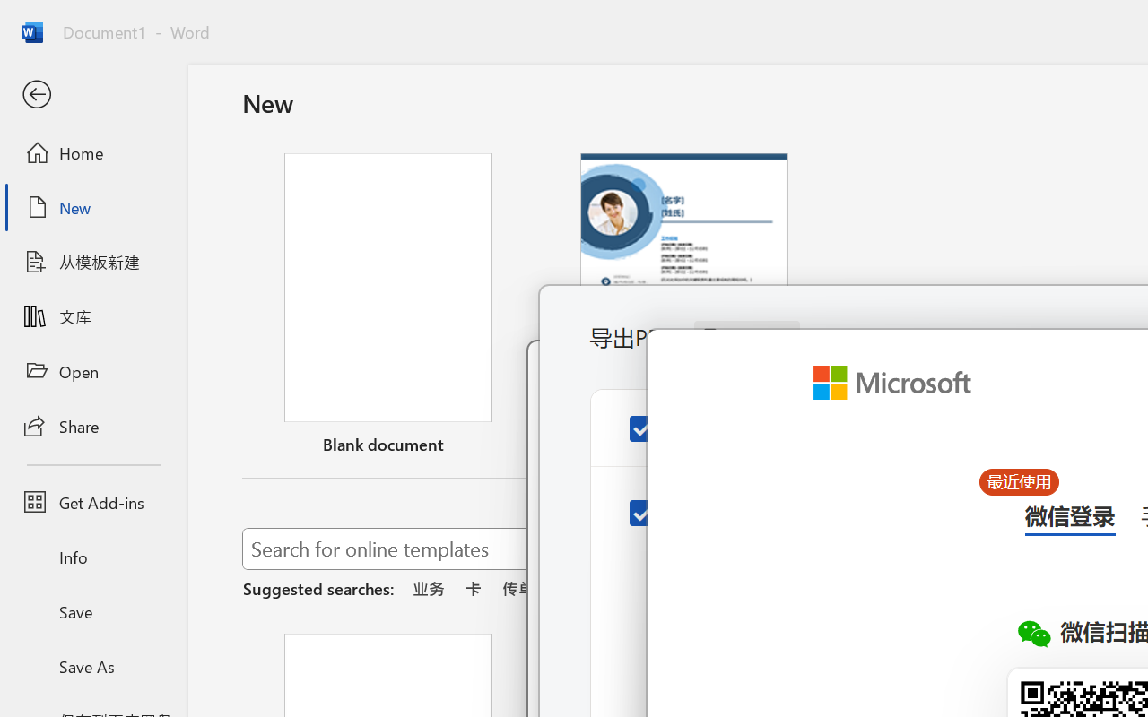 Image resolution: width=1148 pixels, height=717 pixels. What do you see at coordinates (92, 557) in the screenshot?
I see `'Info'` at bounding box center [92, 557].